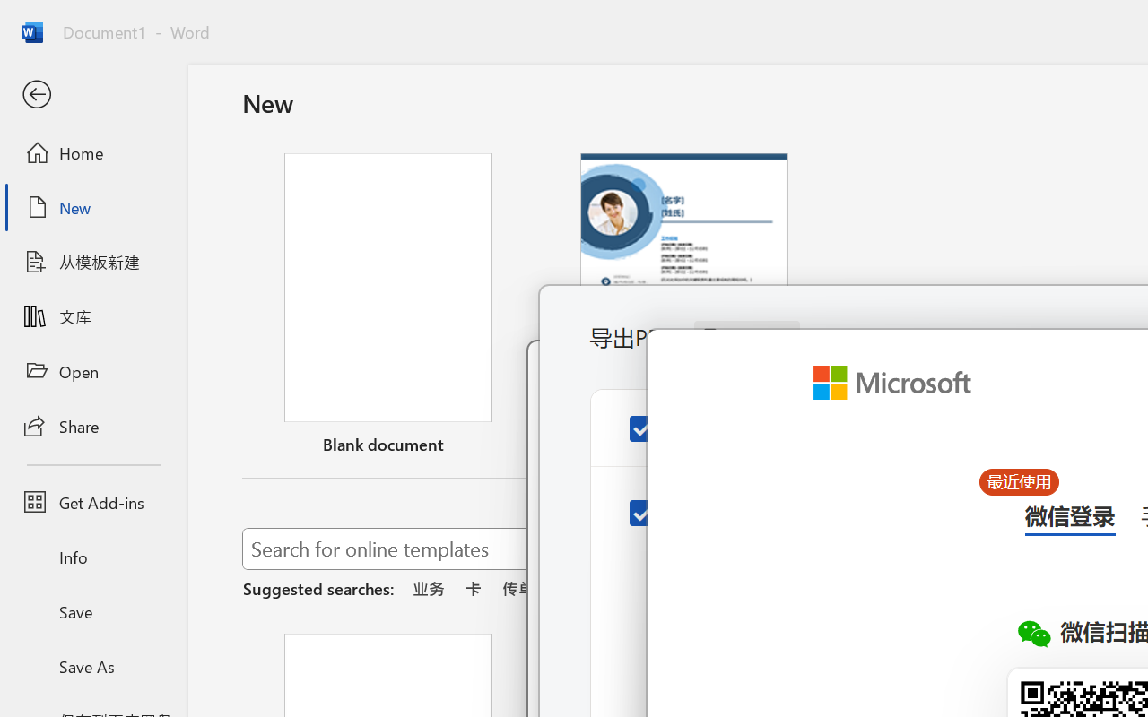 Image resolution: width=1148 pixels, height=717 pixels. What do you see at coordinates (92, 557) in the screenshot?
I see `'Info'` at bounding box center [92, 557].